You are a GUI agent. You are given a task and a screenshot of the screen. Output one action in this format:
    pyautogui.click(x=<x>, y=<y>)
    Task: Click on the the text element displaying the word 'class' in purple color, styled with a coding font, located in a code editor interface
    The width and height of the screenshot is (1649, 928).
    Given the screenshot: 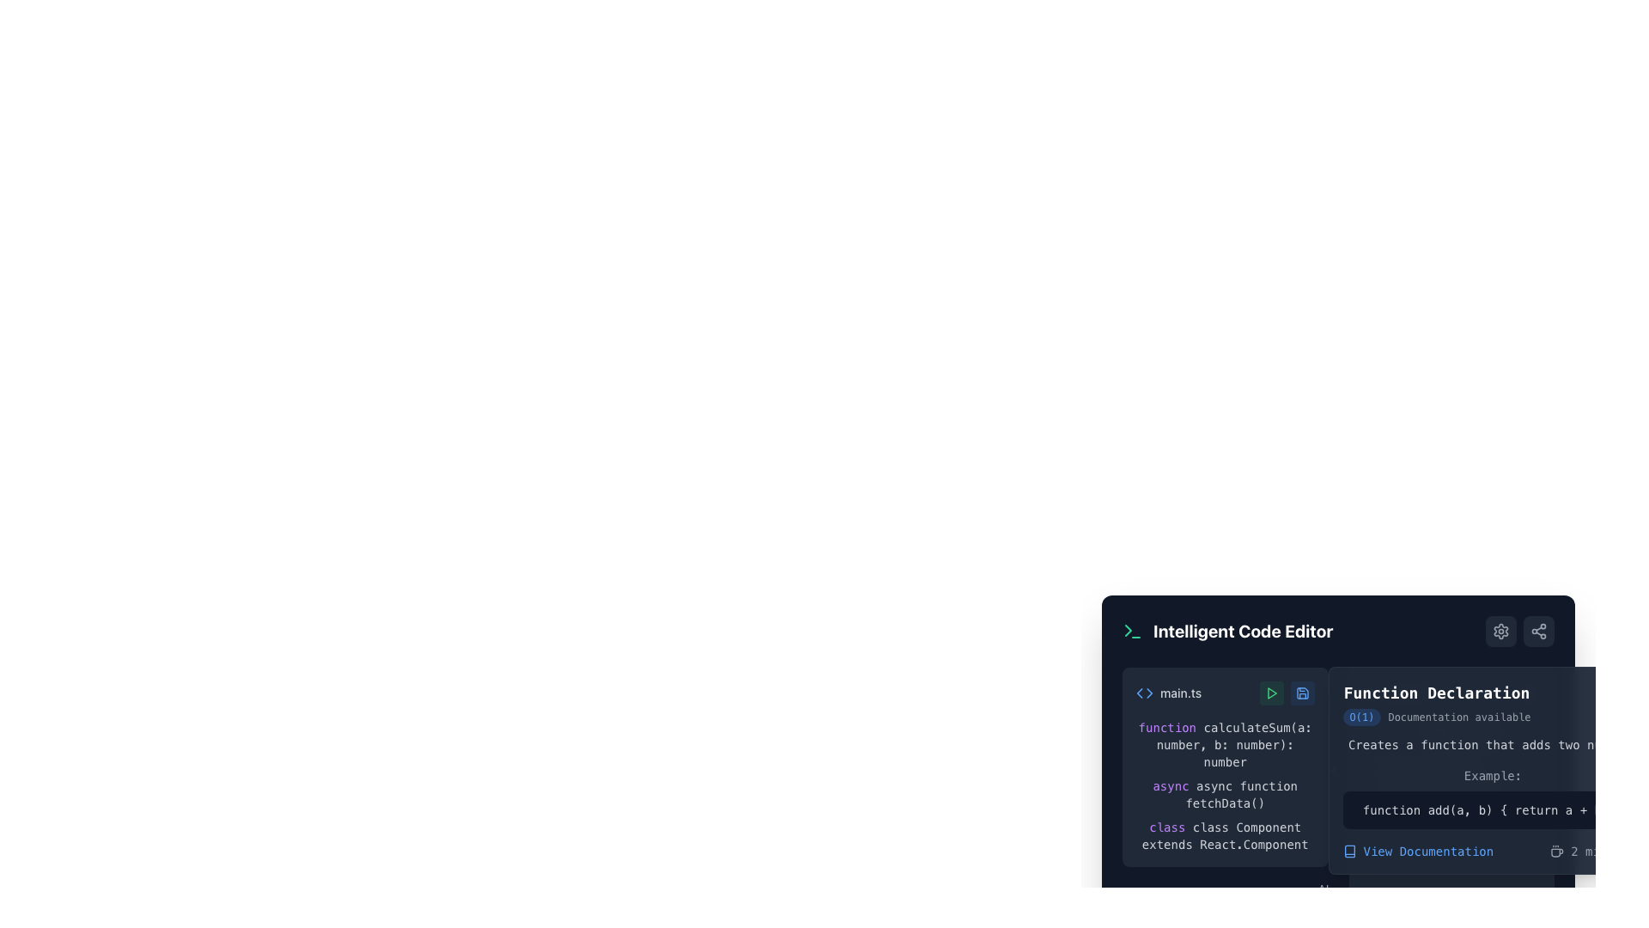 What is the action you would take?
    pyautogui.click(x=1167, y=827)
    